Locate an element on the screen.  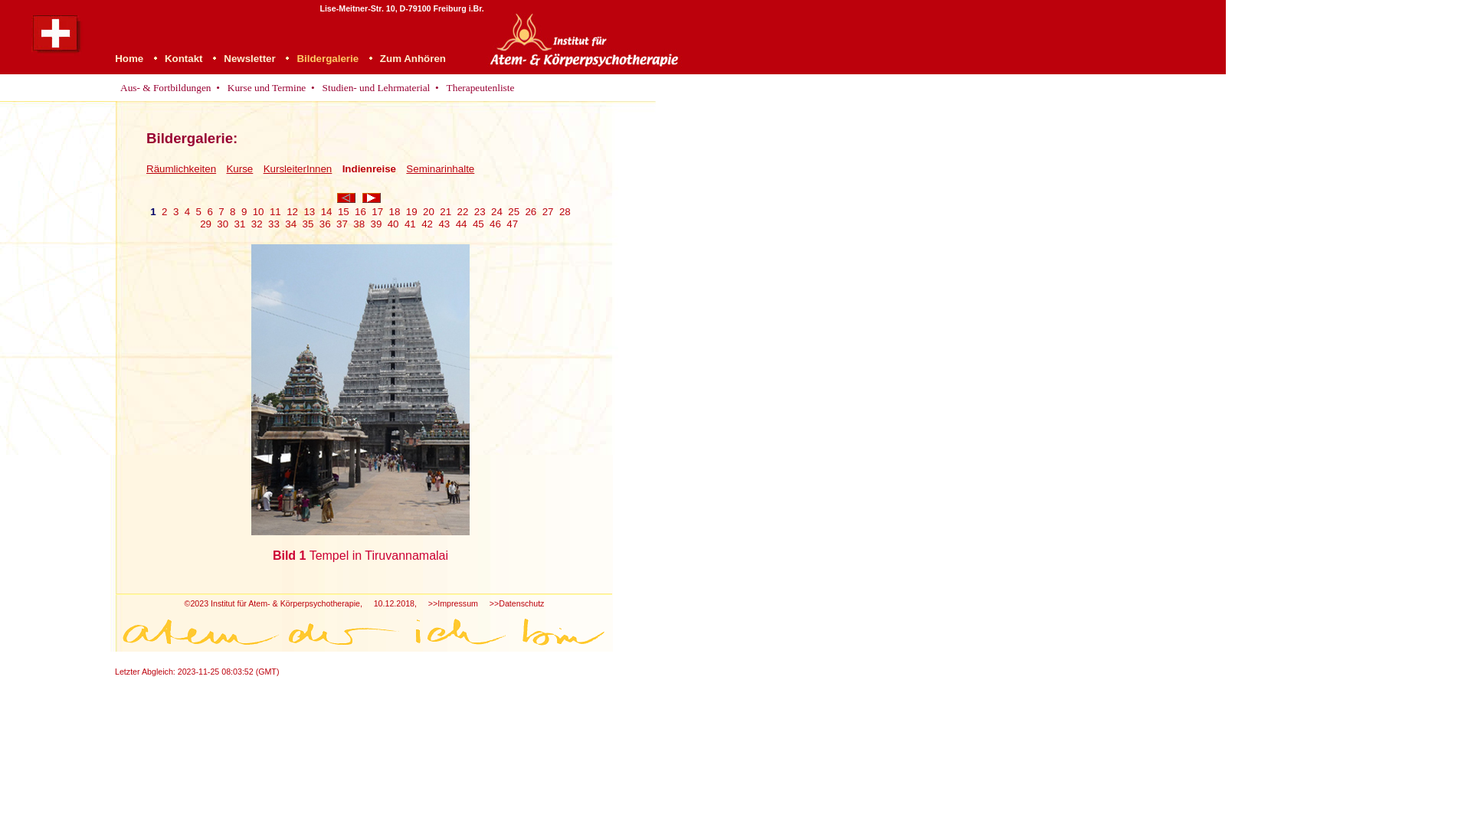
'40' is located at coordinates (393, 224).